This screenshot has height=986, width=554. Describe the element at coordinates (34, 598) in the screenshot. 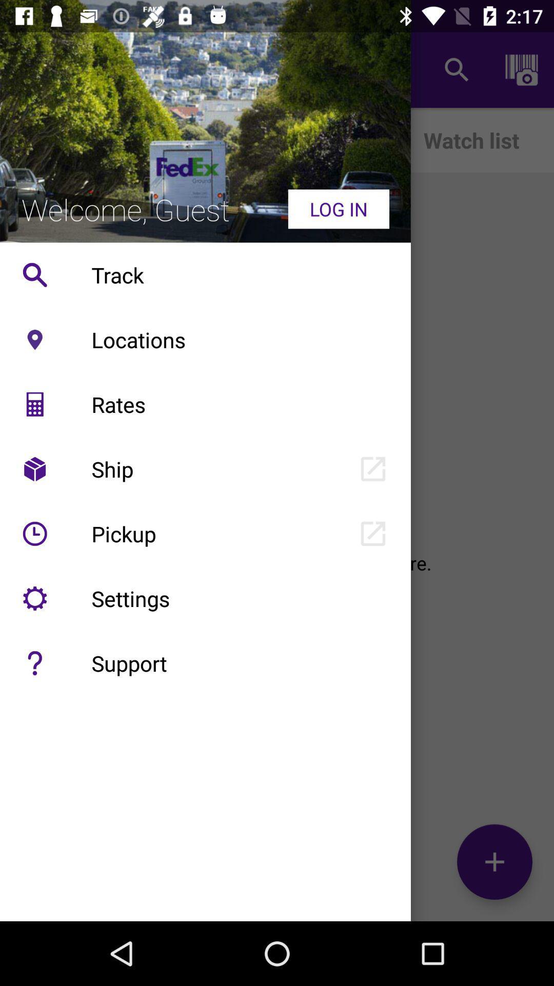

I see `the setting icon left to settings at the bottom of the page` at that location.